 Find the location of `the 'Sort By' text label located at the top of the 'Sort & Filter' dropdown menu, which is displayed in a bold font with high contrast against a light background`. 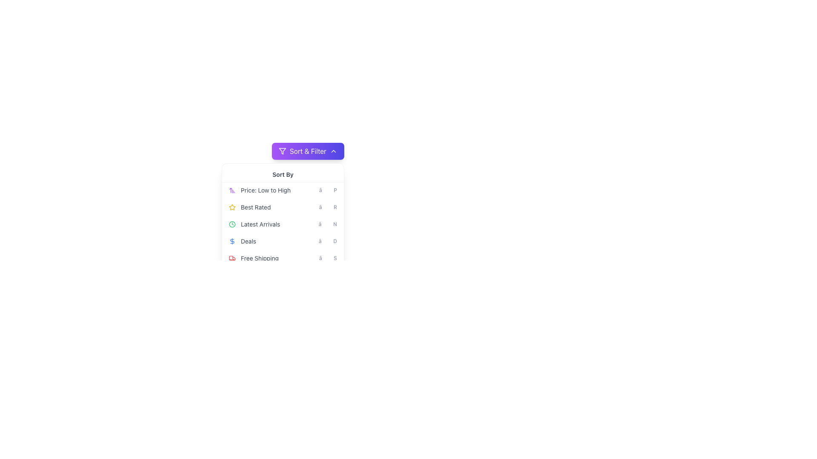

the 'Sort By' text label located at the top of the 'Sort & Filter' dropdown menu, which is displayed in a bold font with high contrast against a light background is located at coordinates (283, 174).